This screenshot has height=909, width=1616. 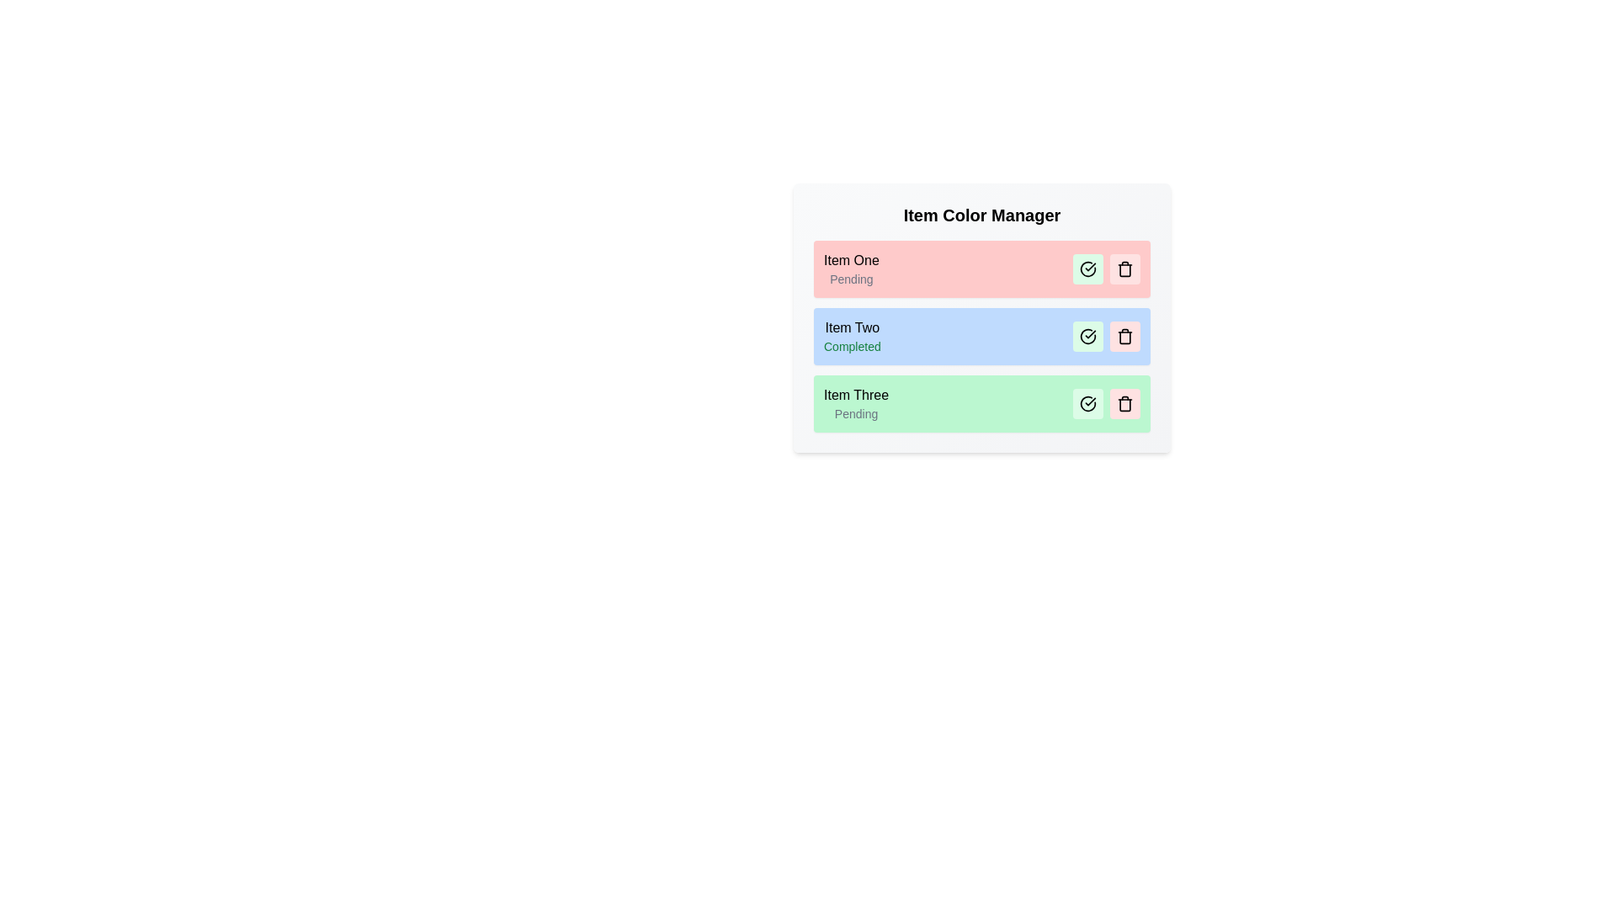 What do you see at coordinates (1125, 337) in the screenshot?
I see `the delete button for the item Item Two` at bounding box center [1125, 337].